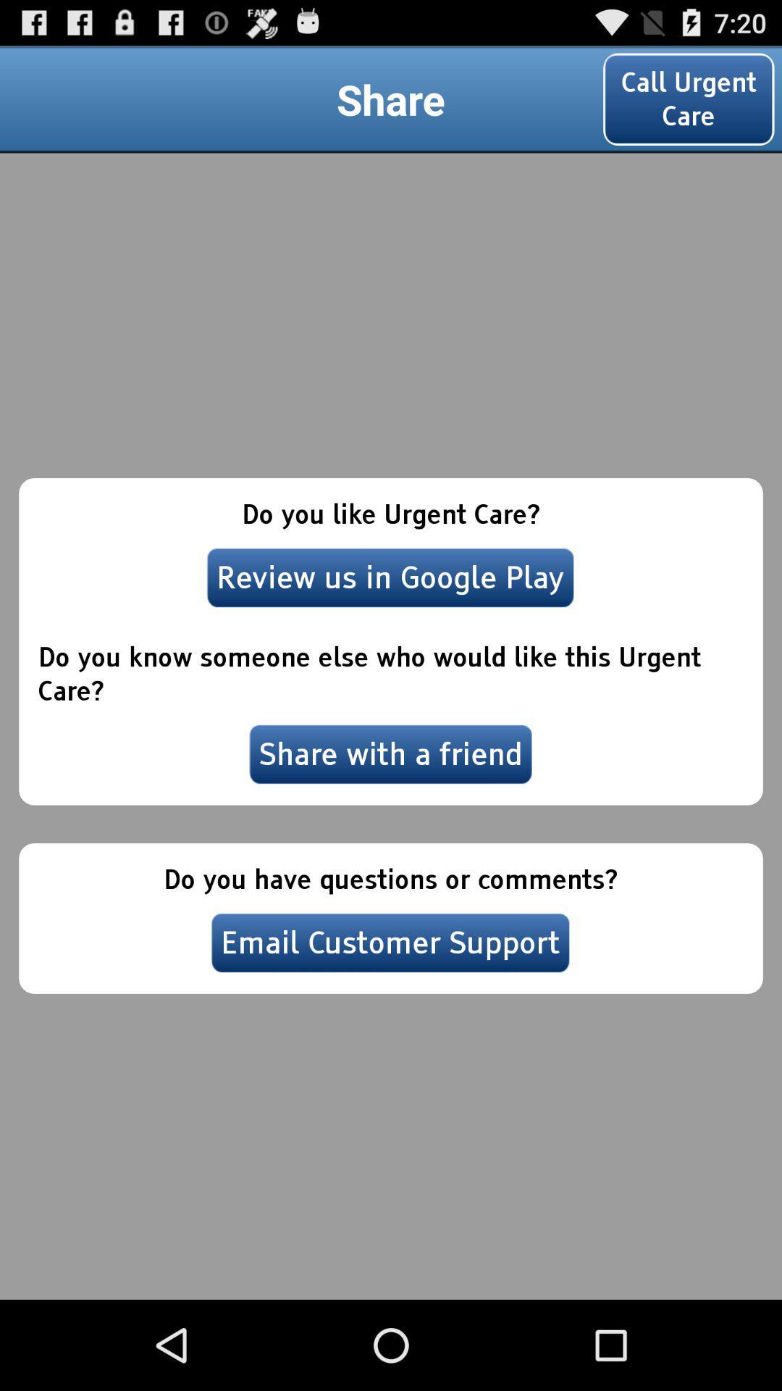  Describe the element at coordinates (390, 943) in the screenshot. I see `email customer support at the bottom` at that location.